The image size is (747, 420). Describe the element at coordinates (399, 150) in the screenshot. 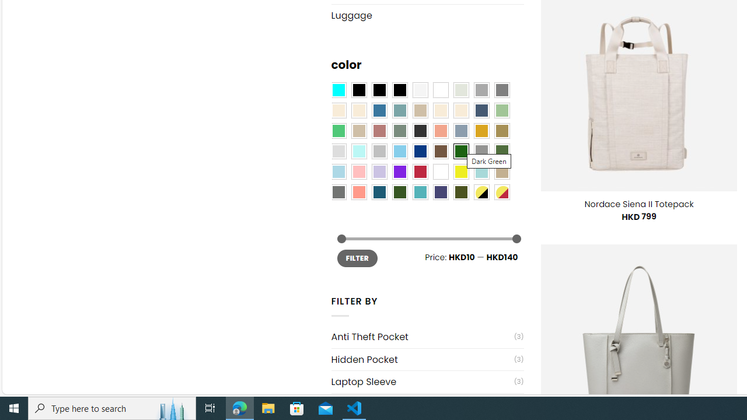

I see `'Sky Blue'` at that location.